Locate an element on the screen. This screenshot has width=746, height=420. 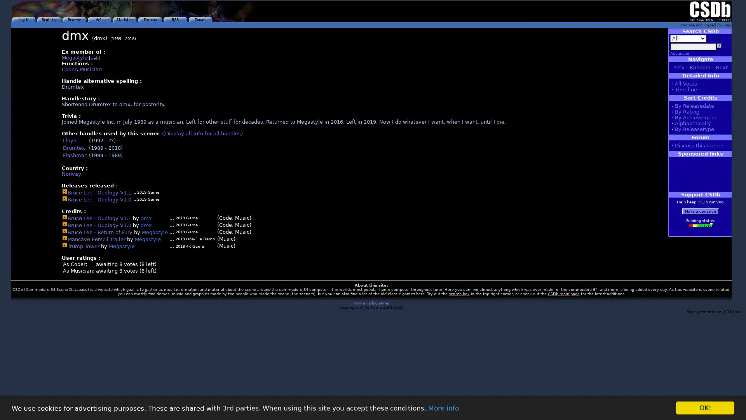
Make a donation is located at coordinates (701, 211).